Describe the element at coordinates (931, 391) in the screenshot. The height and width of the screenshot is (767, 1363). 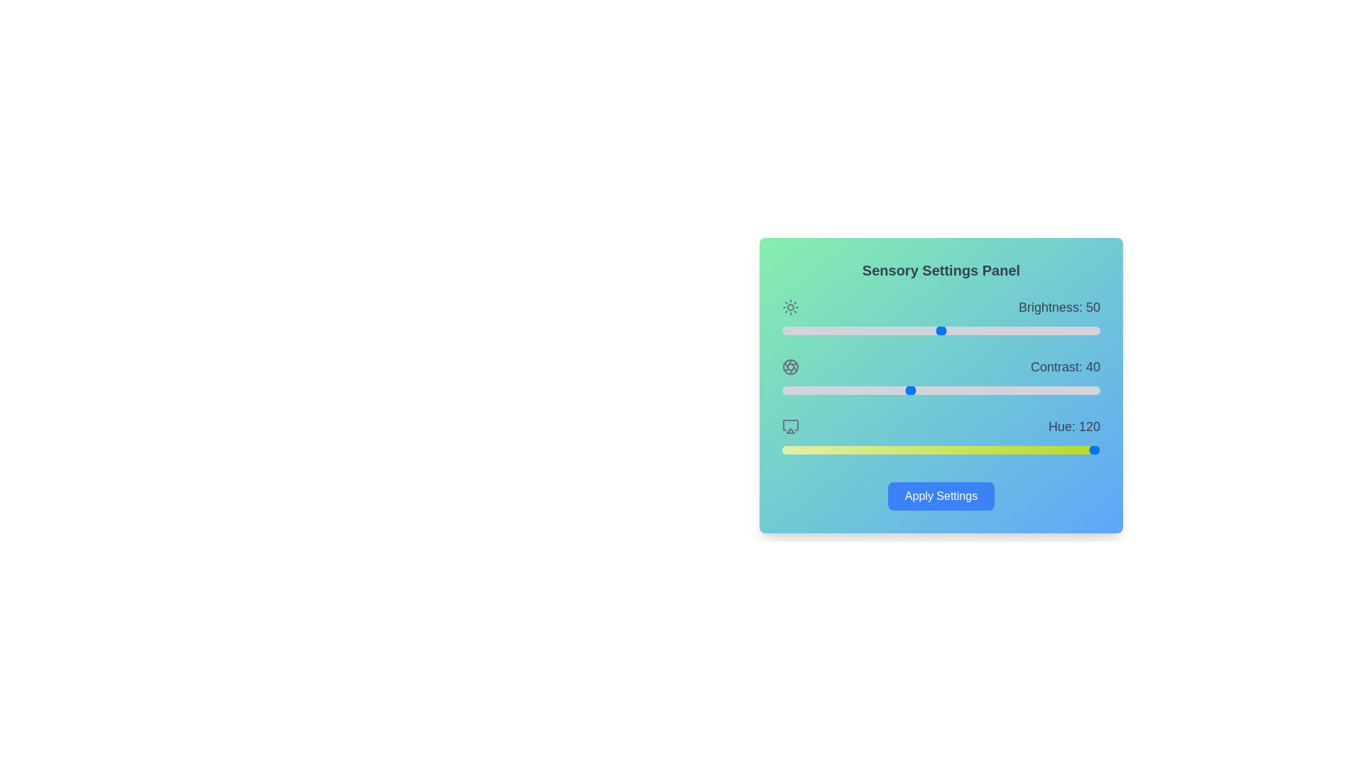
I see `the contrast slider to 47` at that location.